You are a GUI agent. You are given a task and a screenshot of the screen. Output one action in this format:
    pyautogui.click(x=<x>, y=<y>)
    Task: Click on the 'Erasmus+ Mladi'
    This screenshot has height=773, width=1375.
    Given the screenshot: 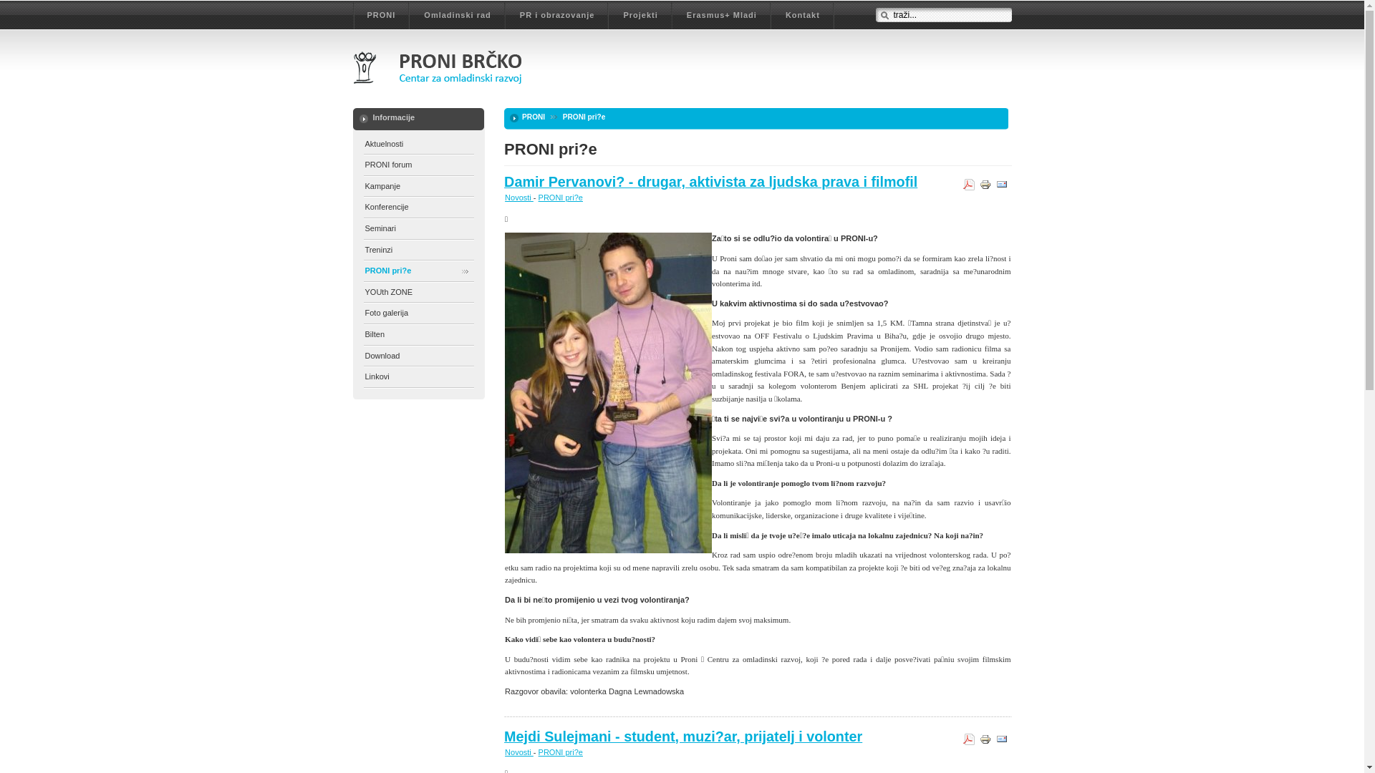 What is the action you would take?
    pyautogui.click(x=722, y=16)
    